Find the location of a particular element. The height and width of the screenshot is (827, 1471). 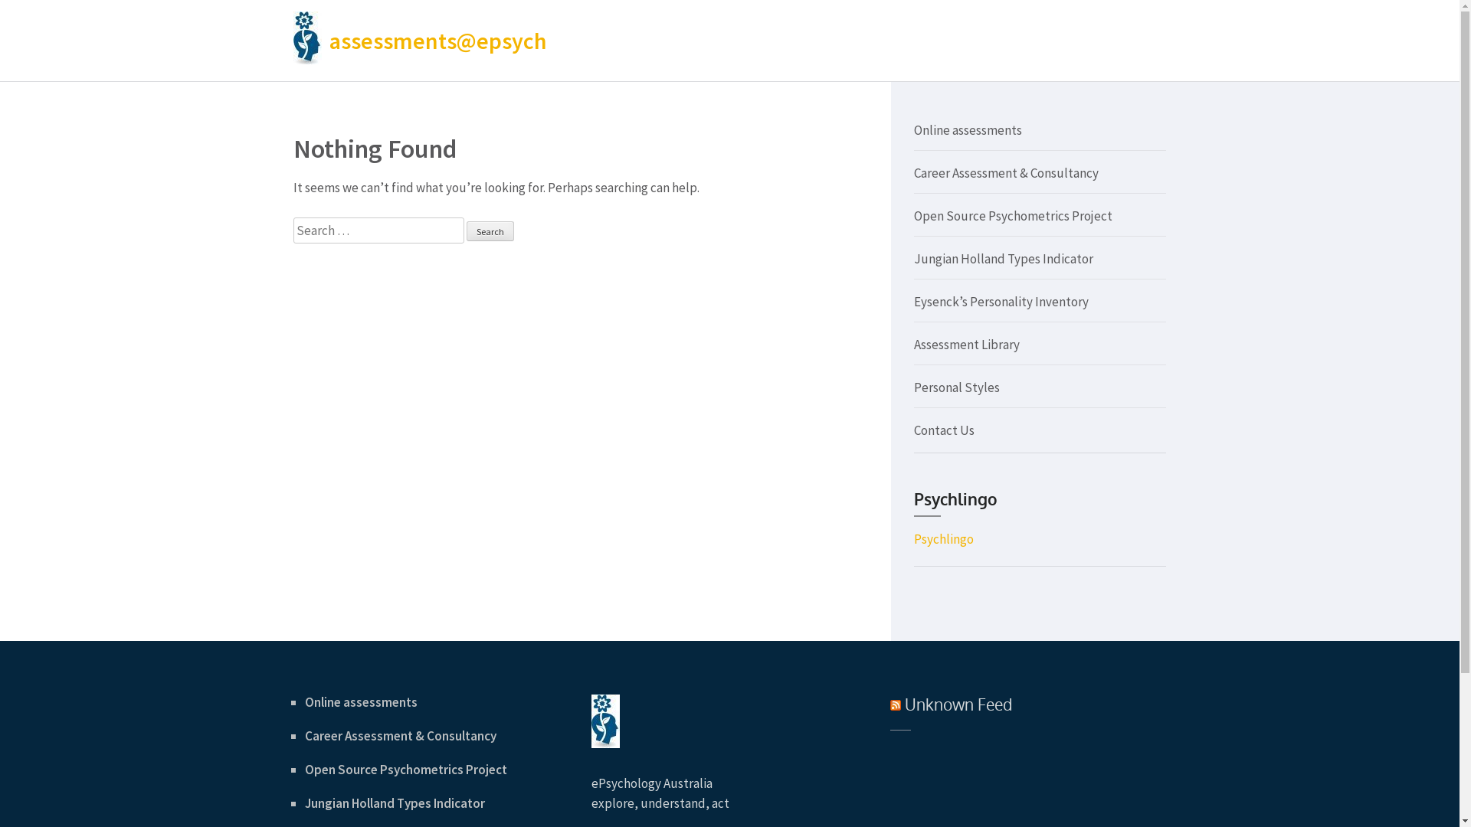

'Psychlingo ' is located at coordinates (943, 538).